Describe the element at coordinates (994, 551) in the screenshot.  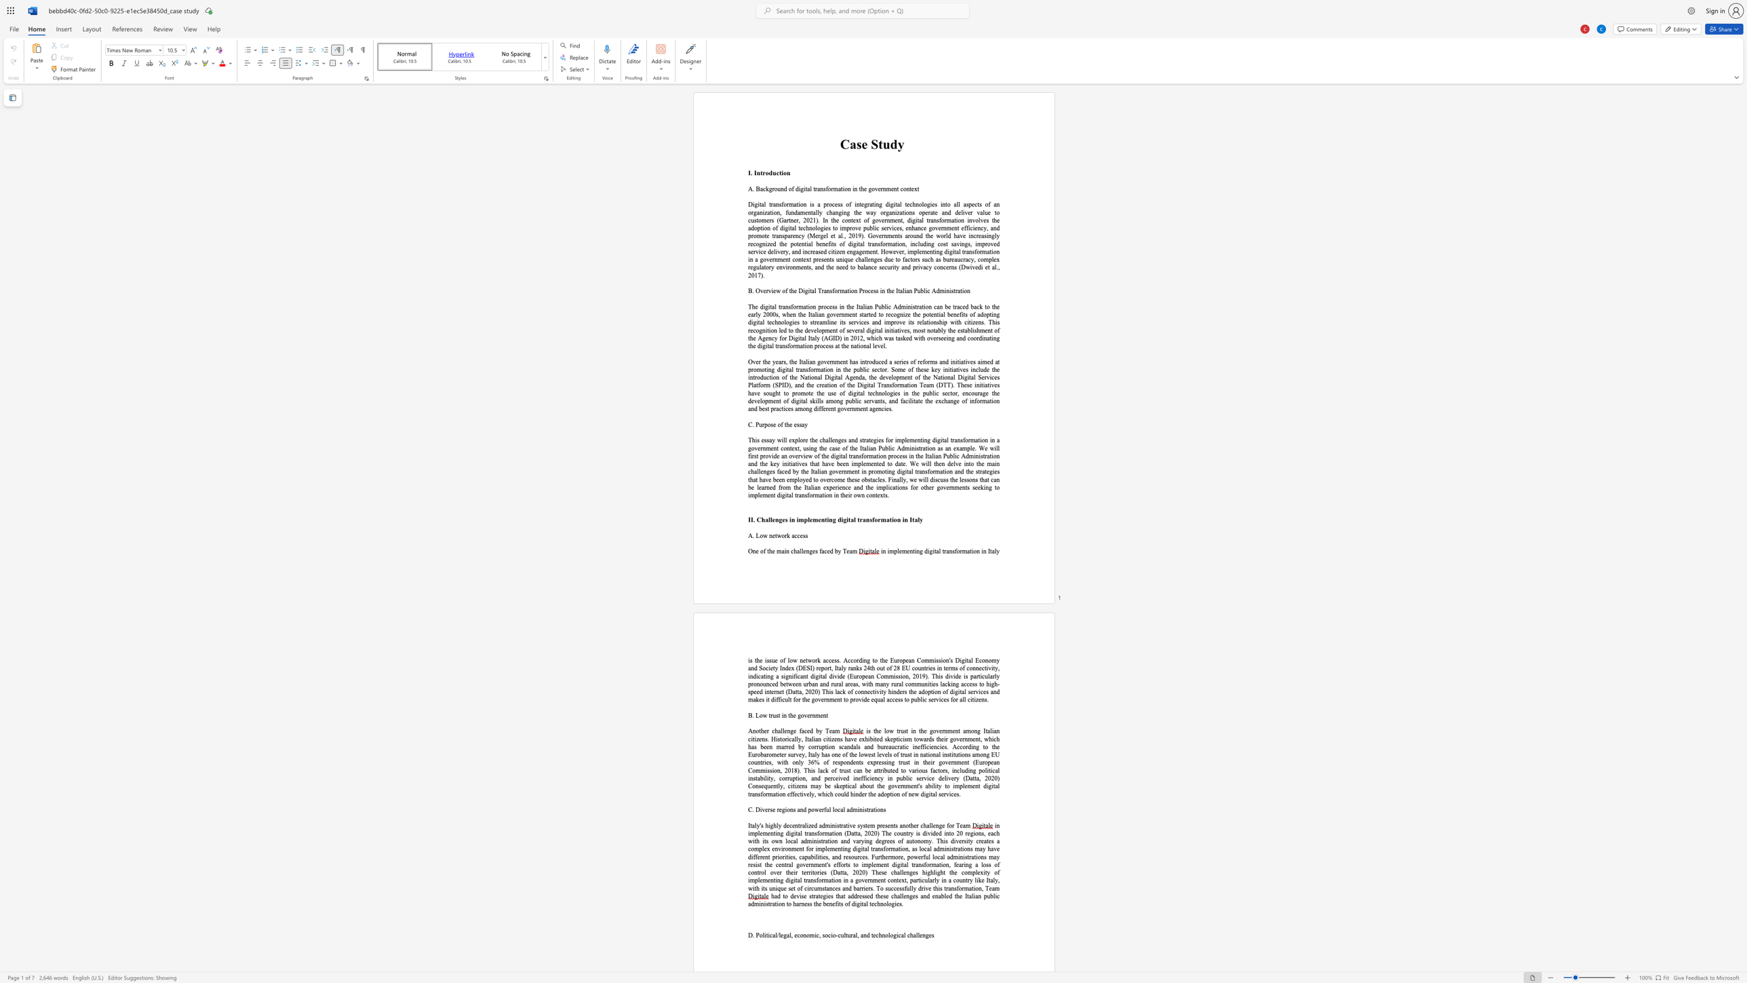
I see `the 3th character "l" in the text` at that location.